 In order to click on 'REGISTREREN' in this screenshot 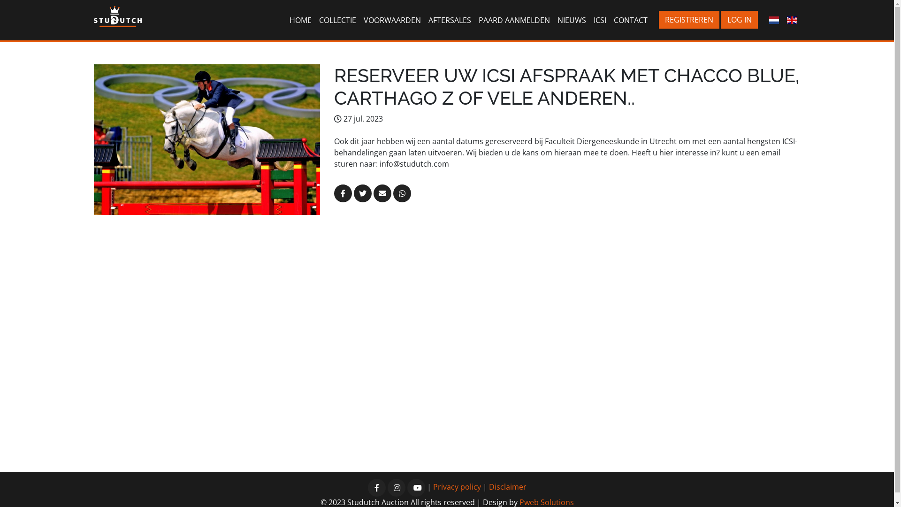, I will do `click(689, 20)`.